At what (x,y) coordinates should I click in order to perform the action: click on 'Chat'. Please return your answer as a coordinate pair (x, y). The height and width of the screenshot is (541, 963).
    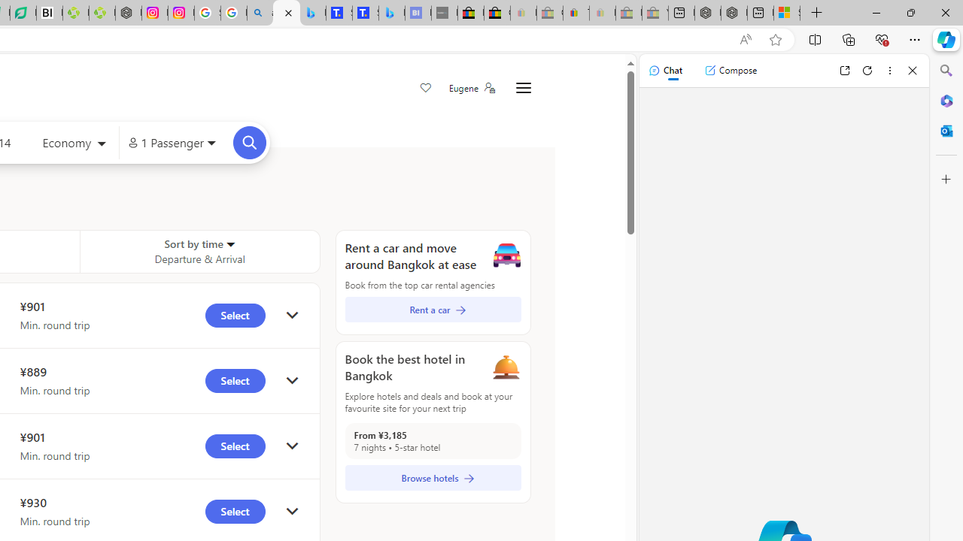
    Looking at the image, I should click on (664, 70).